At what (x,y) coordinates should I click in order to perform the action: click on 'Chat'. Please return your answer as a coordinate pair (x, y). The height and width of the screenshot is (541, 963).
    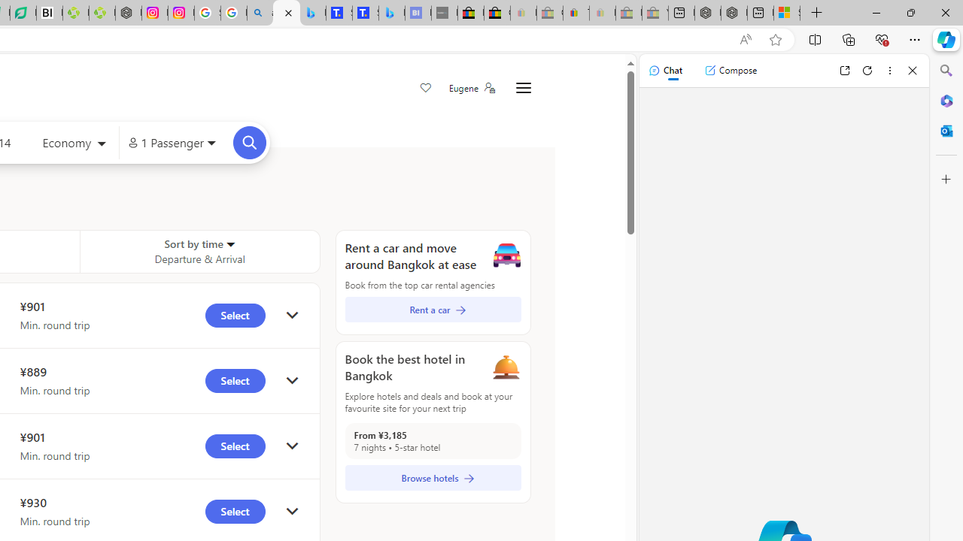
    Looking at the image, I should click on (664, 70).